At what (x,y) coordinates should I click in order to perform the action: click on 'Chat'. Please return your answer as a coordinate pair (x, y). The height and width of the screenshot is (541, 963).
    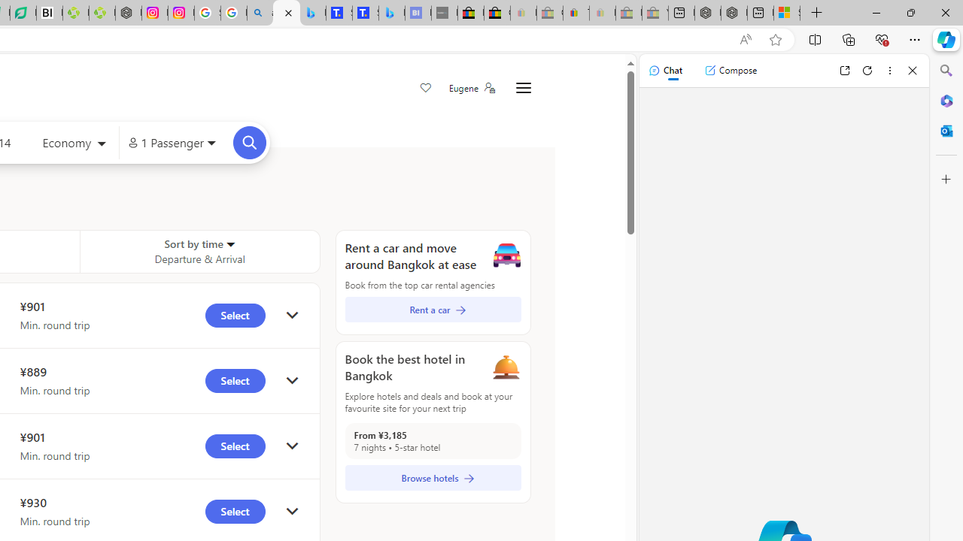
    Looking at the image, I should click on (664, 70).